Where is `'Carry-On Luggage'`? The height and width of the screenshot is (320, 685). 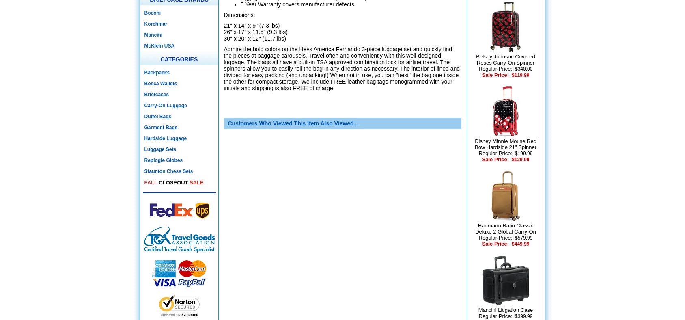 'Carry-On Luggage' is located at coordinates (165, 105).